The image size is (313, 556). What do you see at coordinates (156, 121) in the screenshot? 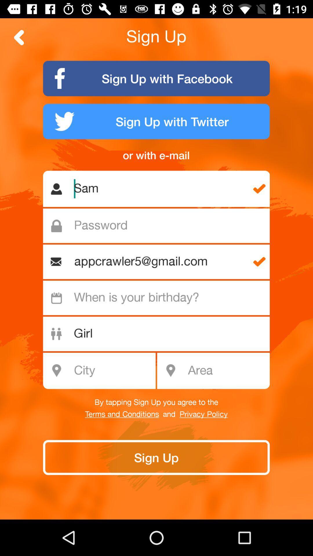
I see `the twitter below facebook` at bounding box center [156, 121].